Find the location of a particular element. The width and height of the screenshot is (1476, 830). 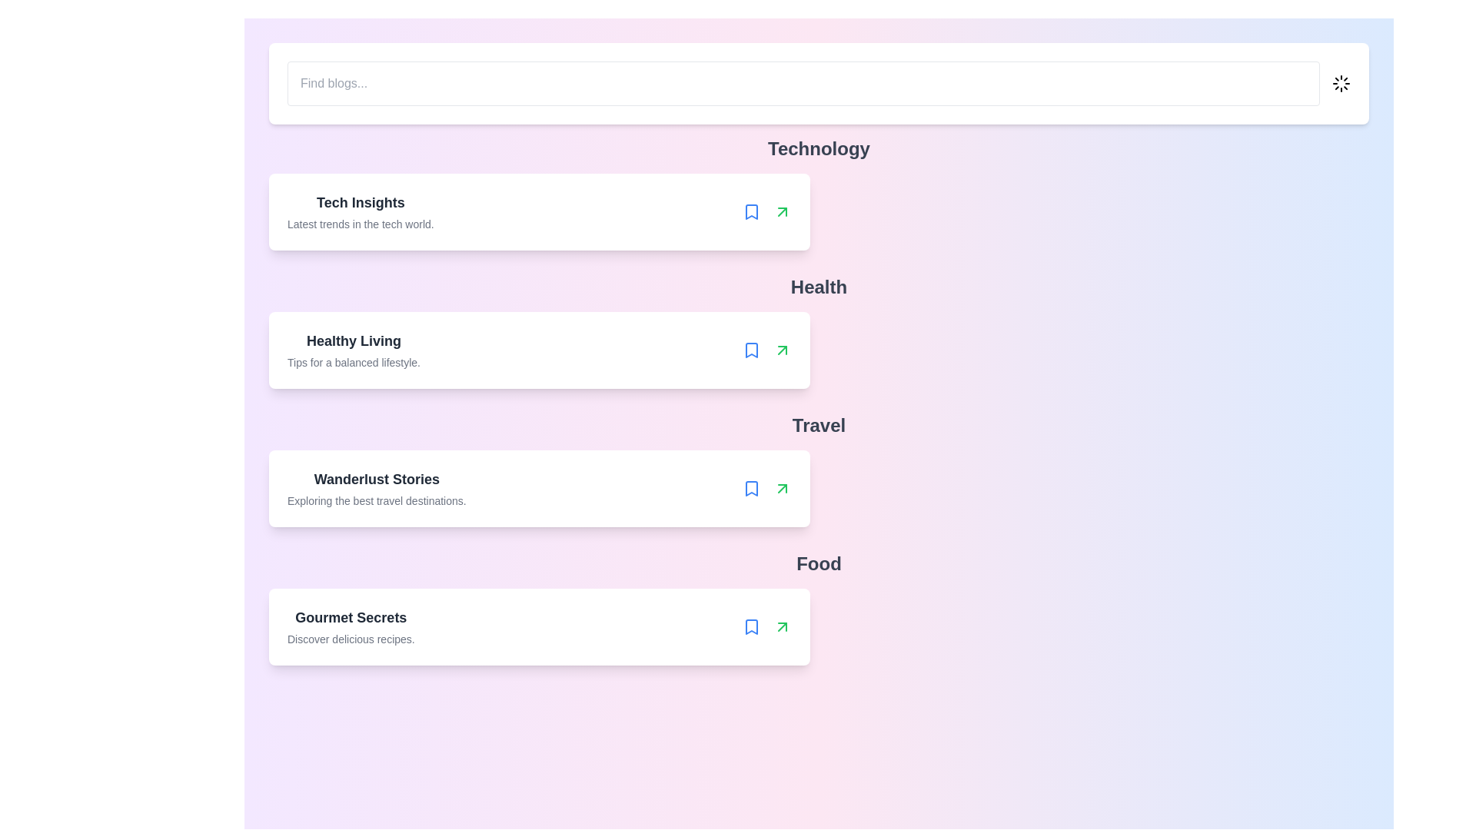

the upward-right pointing green arrow vector graphic within the SVG icon, which is located to the far right of the 'Healthy Living' section's heading card, adjacent to the bookmark icon is located at coordinates (782, 489).